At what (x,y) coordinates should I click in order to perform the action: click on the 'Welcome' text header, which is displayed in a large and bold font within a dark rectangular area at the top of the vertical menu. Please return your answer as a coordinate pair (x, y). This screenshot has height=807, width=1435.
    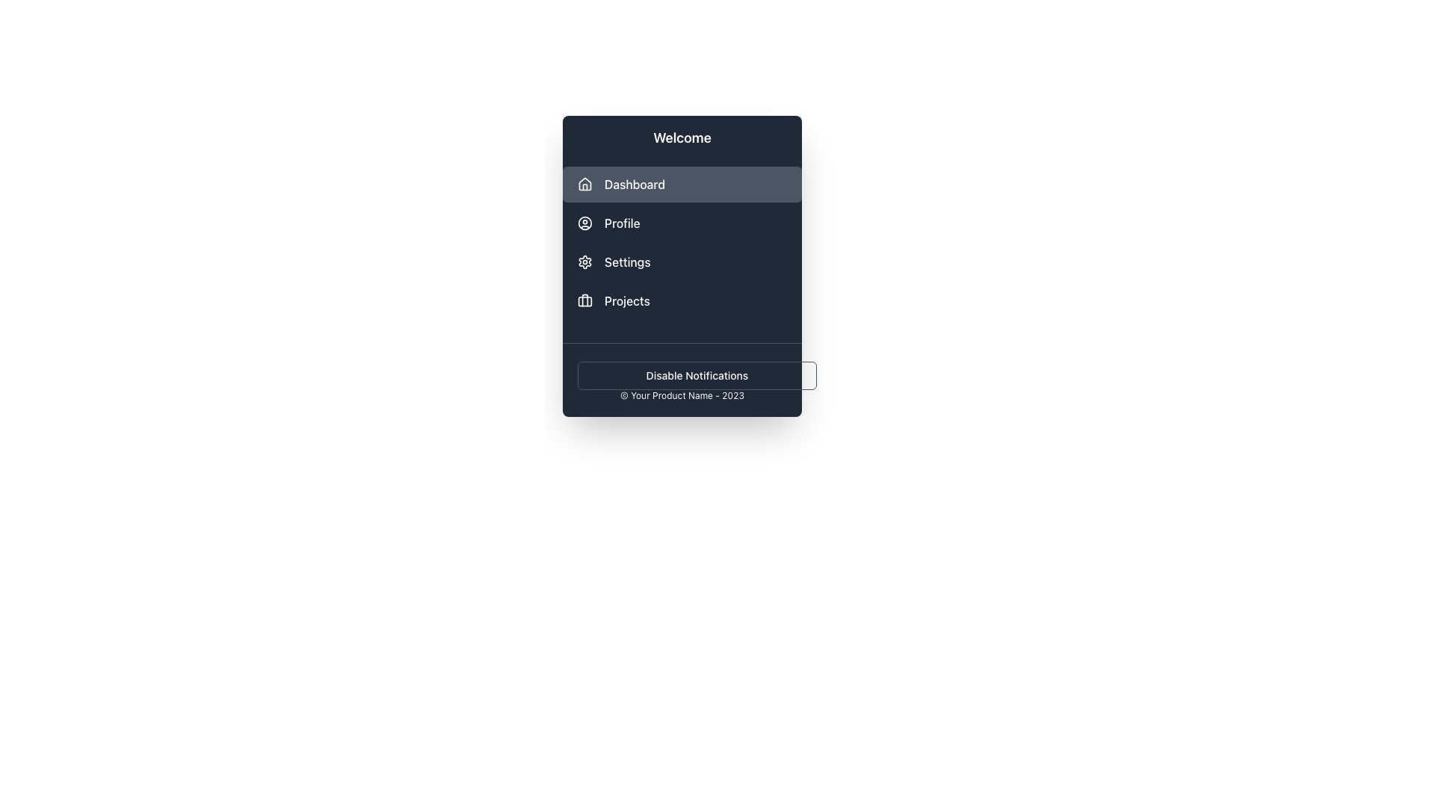
    Looking at the image, I should click on (681, 138).